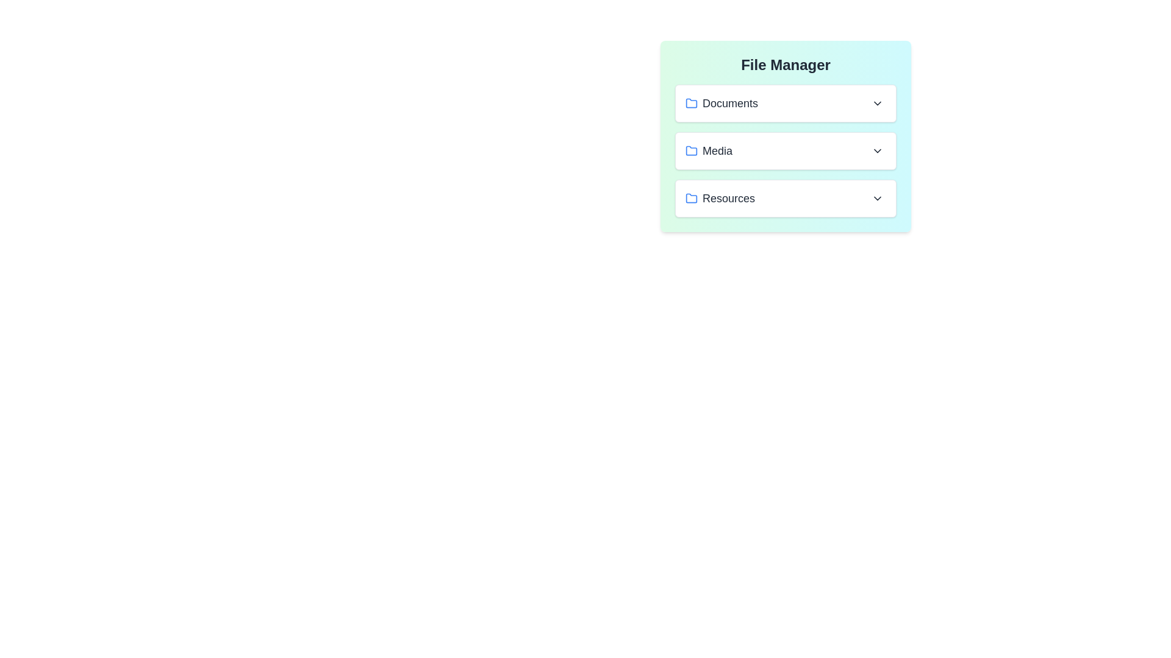 This screenshot has width=1171, height=658. I want to click on the file VacationPhoto.jpg from the folder Resources, so click(786, 198).